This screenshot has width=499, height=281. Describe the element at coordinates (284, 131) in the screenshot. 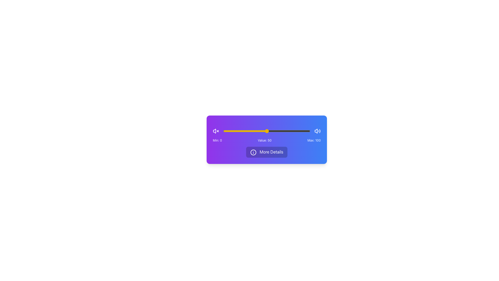

I see `the volume` at that location.